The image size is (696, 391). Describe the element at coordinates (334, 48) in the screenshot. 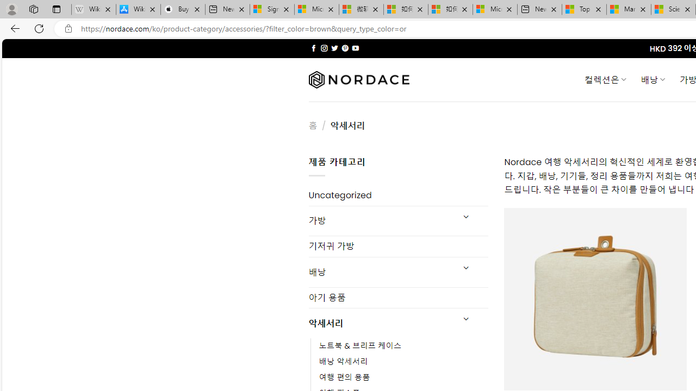

I see `'Follow on Twitter'` at that location.